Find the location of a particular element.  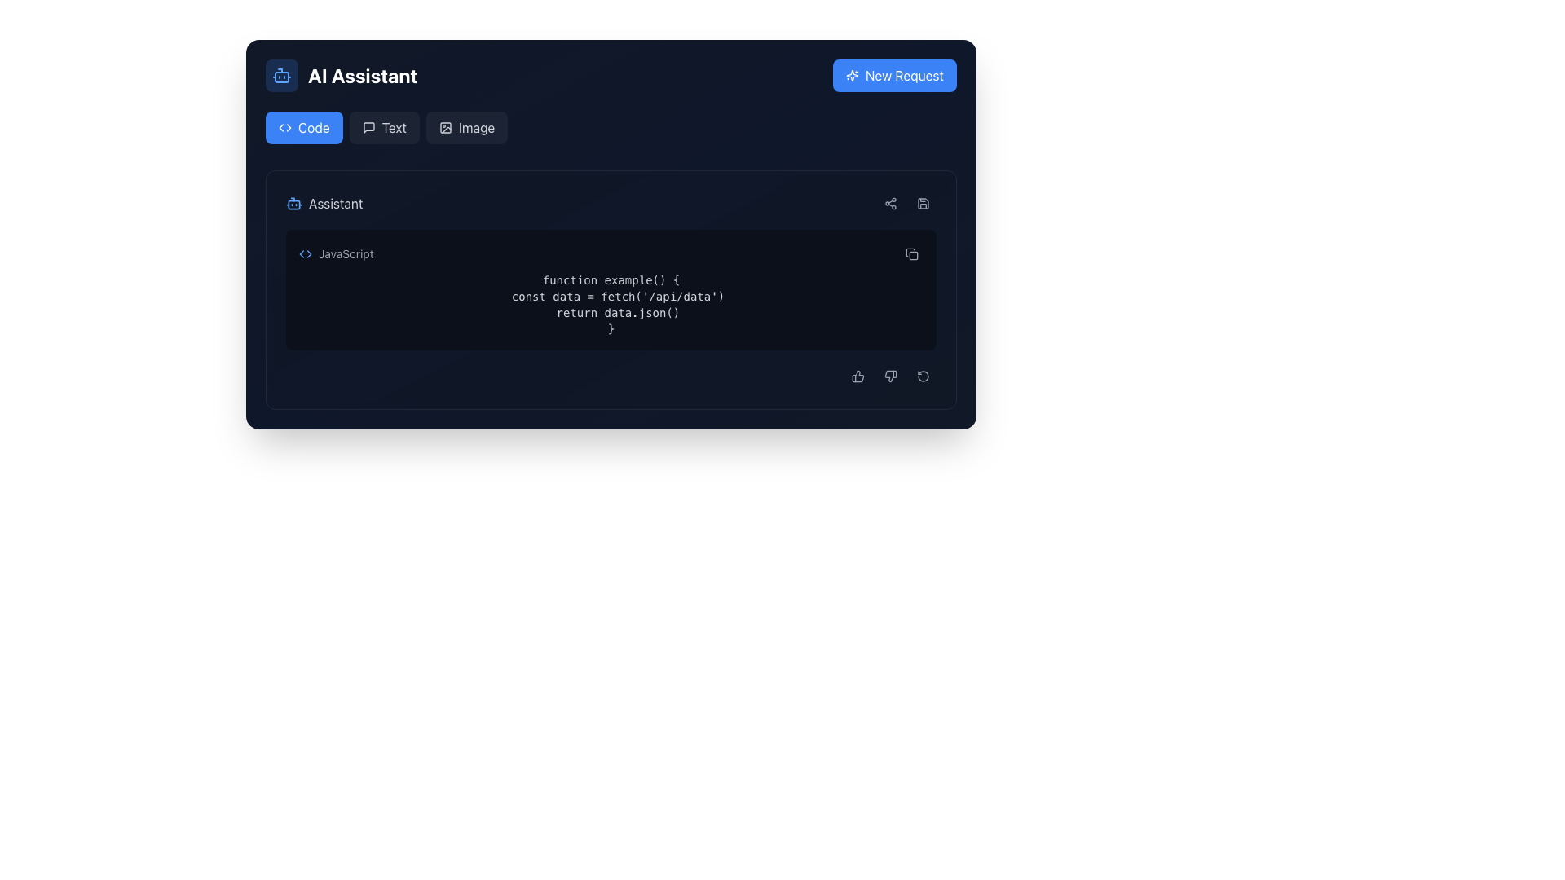

the small photograph icon that is part of the 'Image' button located in the middle-right part of the interface is located at coordinates (446, 127).